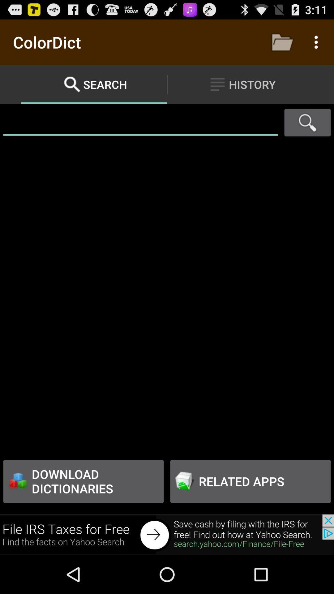  What do you see at coordinates (307, 131) in the screenshot?
I see `the search icon` at bounding box center [307, 131].